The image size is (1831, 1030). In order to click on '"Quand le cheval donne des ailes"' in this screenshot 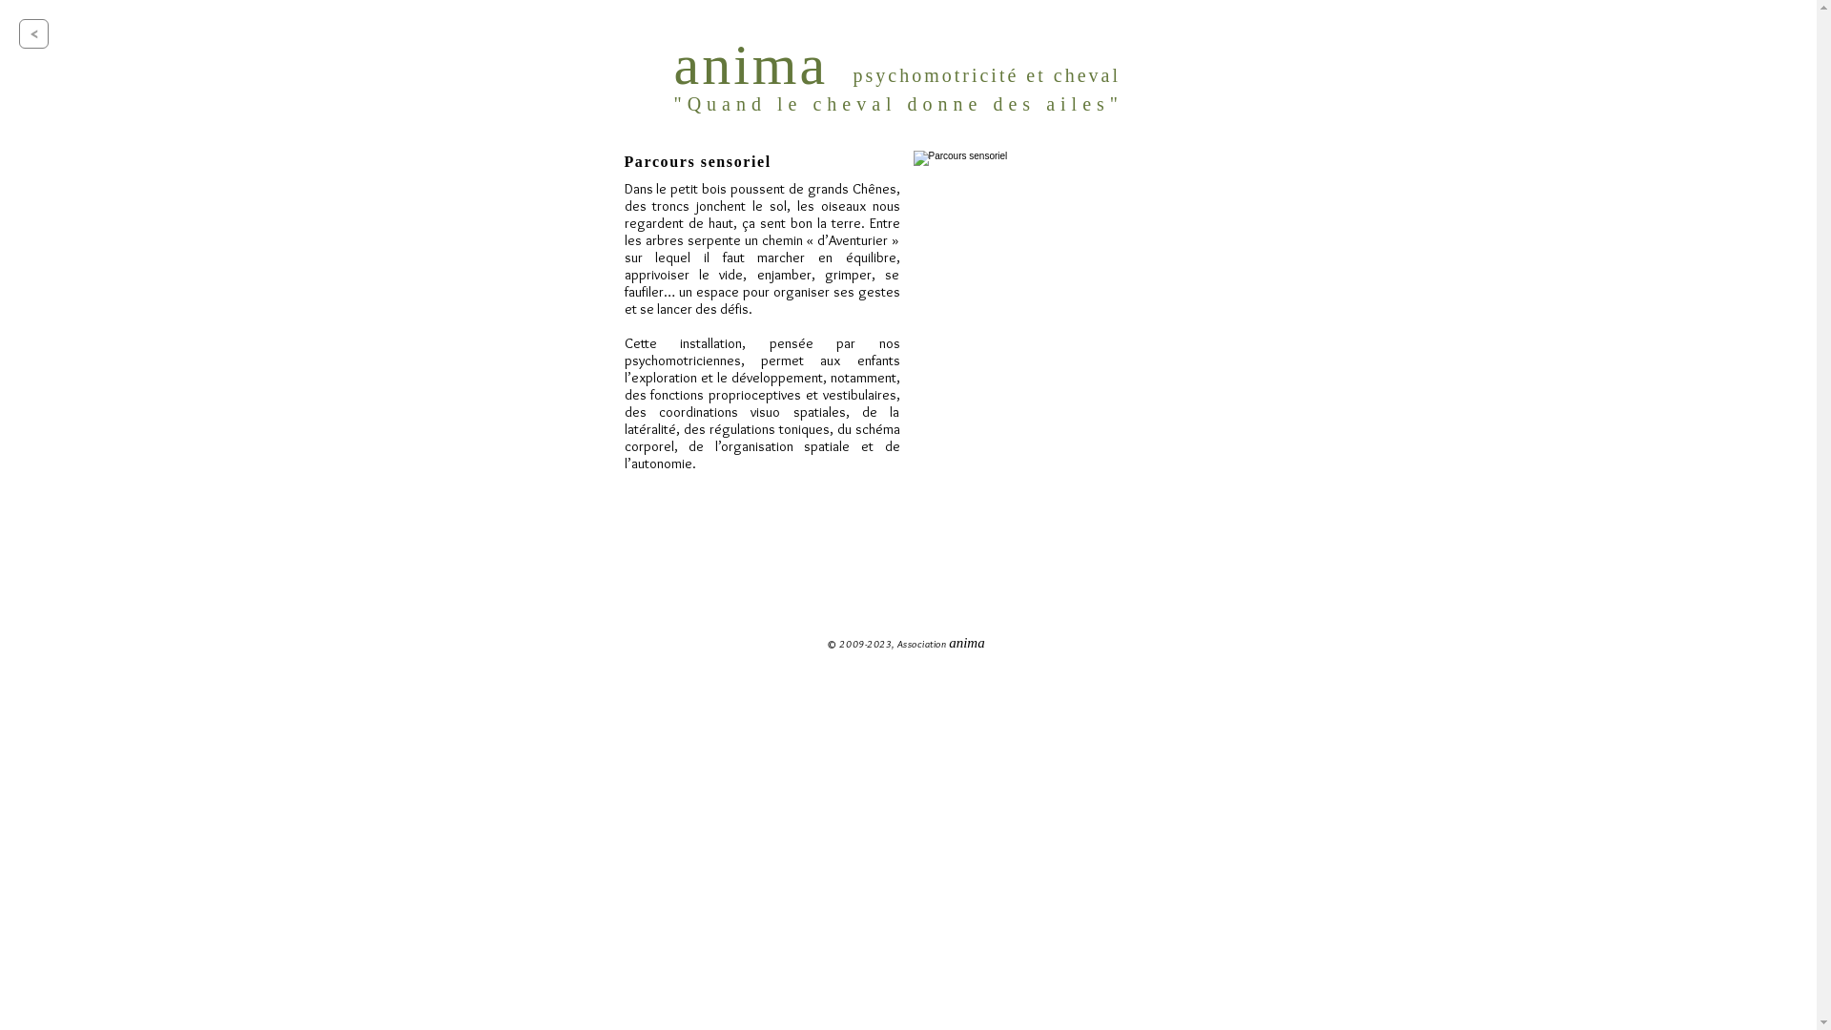, I will do `click(672, 103)`.